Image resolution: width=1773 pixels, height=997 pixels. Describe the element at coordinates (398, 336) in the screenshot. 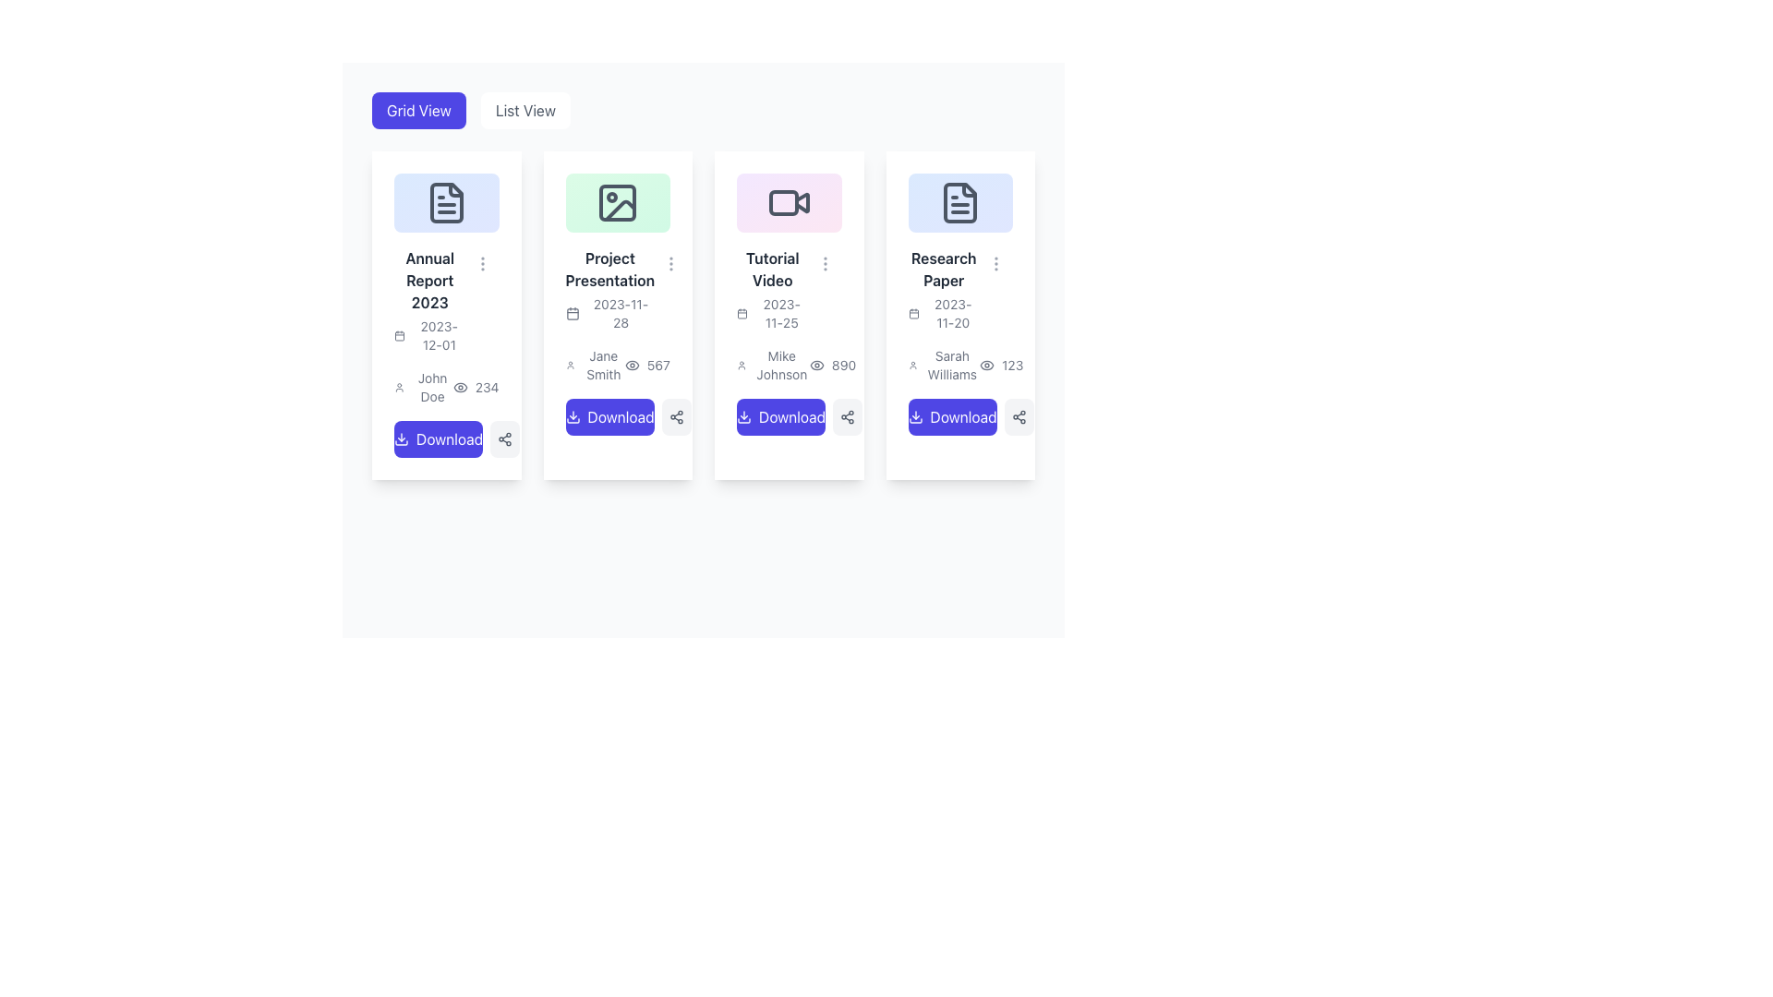

I see `the decorative element located near the top-left corner of the calendar icon, which is situated below the two vertical lines and above the horizontal line splitting the icon` at that location.